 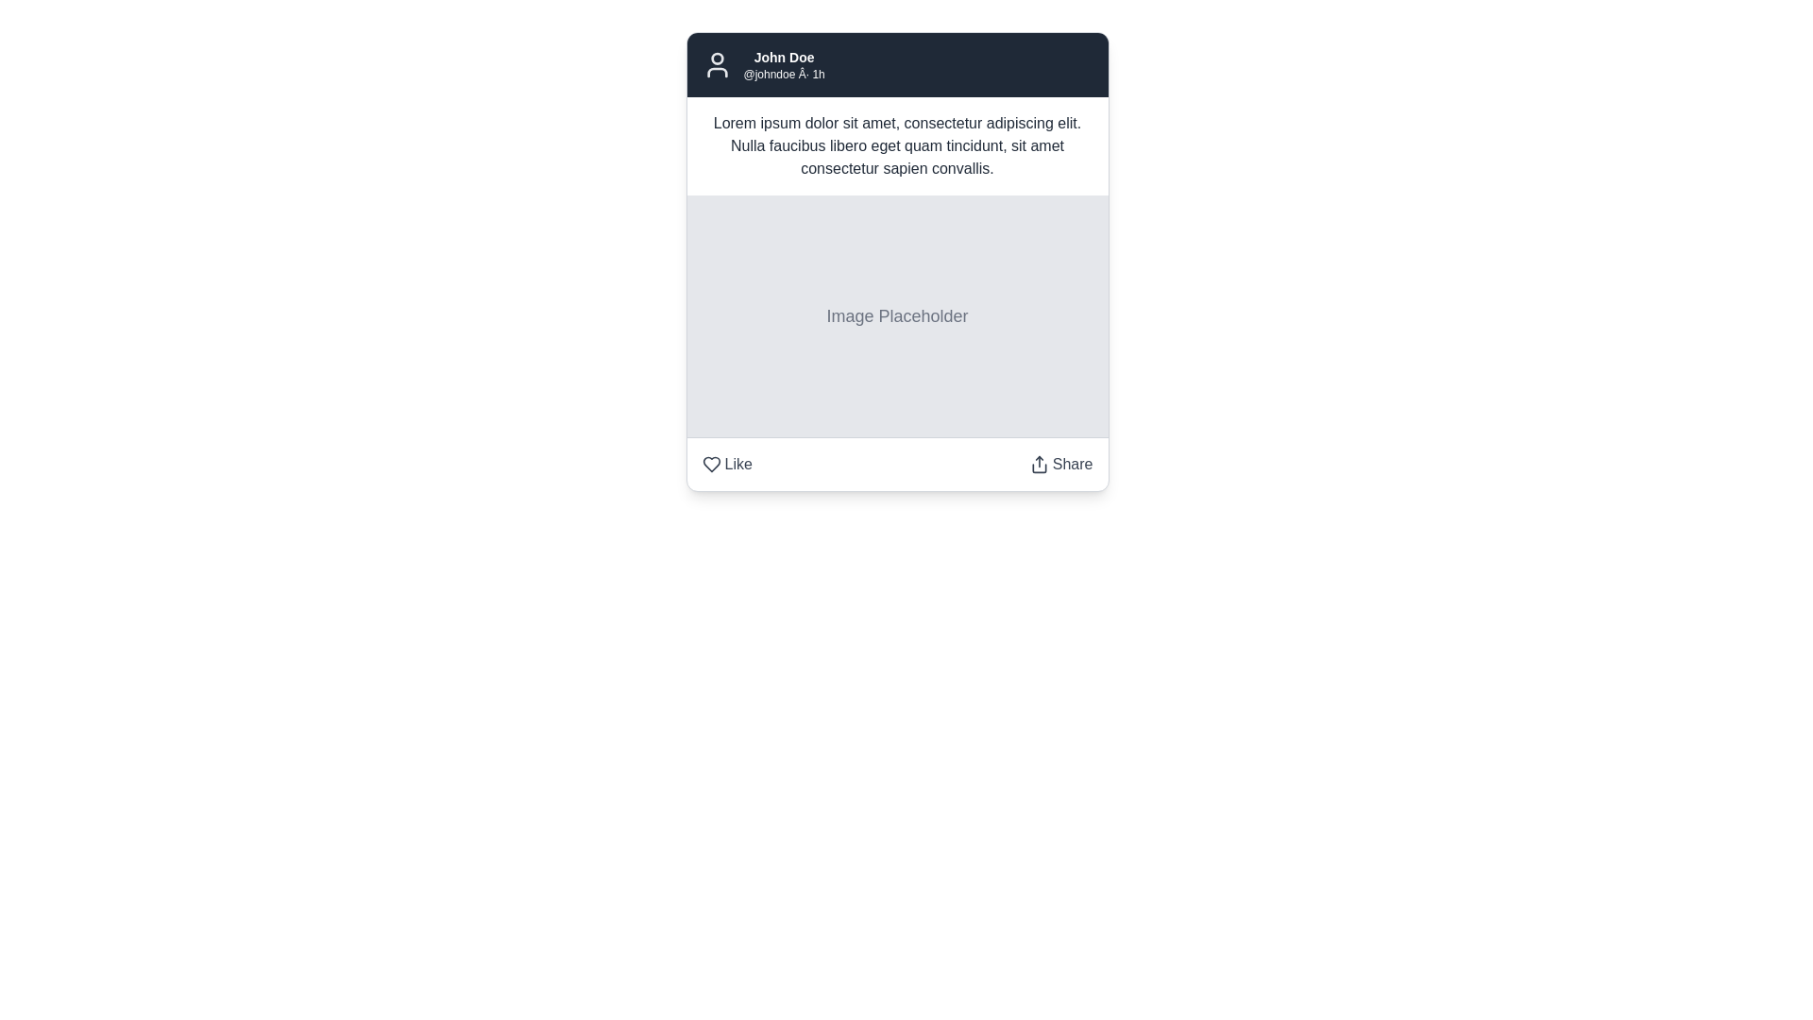 I want to click on content displayed in the text block located centrally within the card component, positioned below the user profile section and above the image placeholder, so click(x=896, y=144).